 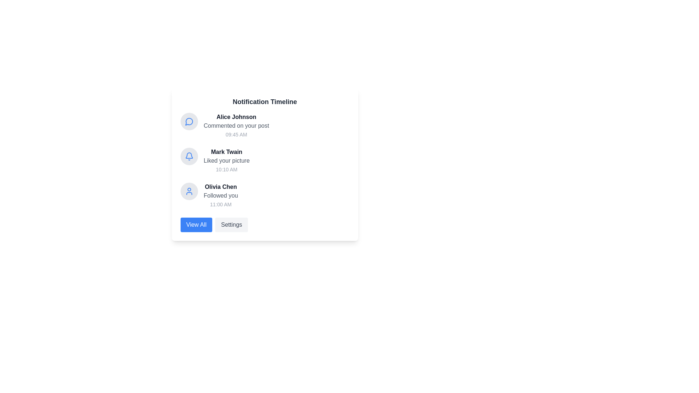 I want to click on the icon representing Alice Johnson's comment notification, located at the start of her entry in the notification timeline box, so click(x=189, y=121).